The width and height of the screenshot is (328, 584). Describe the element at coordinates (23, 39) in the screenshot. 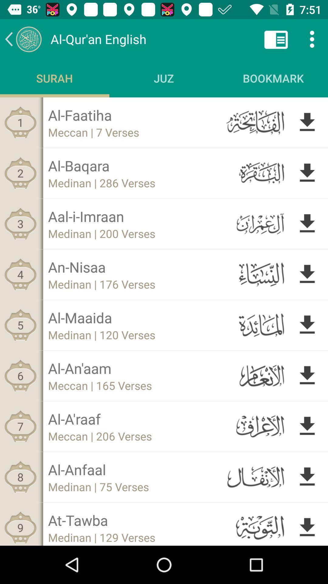

I see `pack word` at that location.